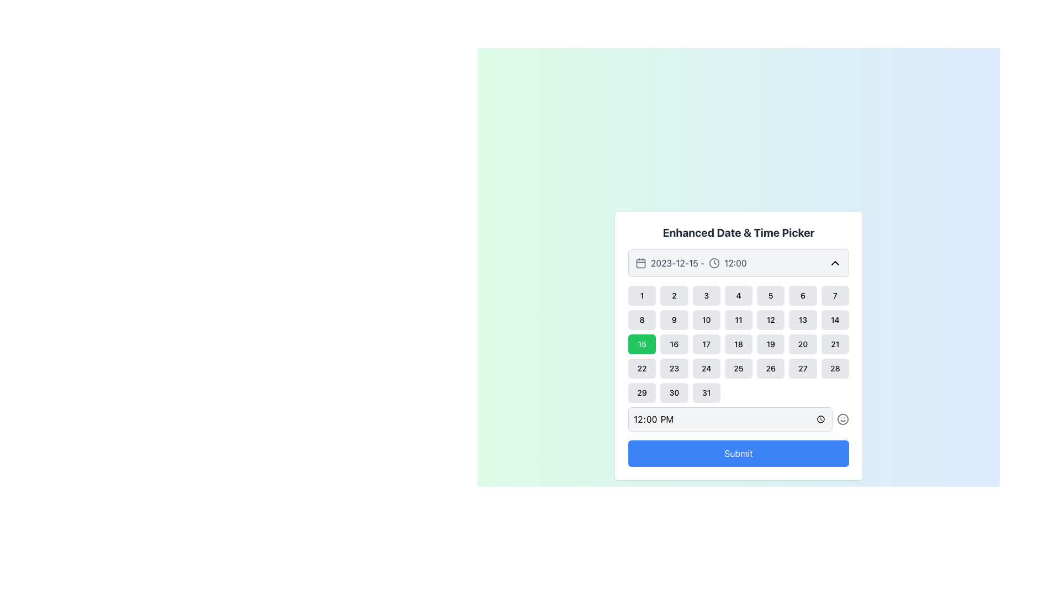 This screenshot has height=596, width=1060. What do you see at coordinates (714, 263) in the screenshot?
I see `the clock icon located in the top bar of the calendar interface, to the right of the date indicator '2023-12-15'` at bounding box center [714, 263].